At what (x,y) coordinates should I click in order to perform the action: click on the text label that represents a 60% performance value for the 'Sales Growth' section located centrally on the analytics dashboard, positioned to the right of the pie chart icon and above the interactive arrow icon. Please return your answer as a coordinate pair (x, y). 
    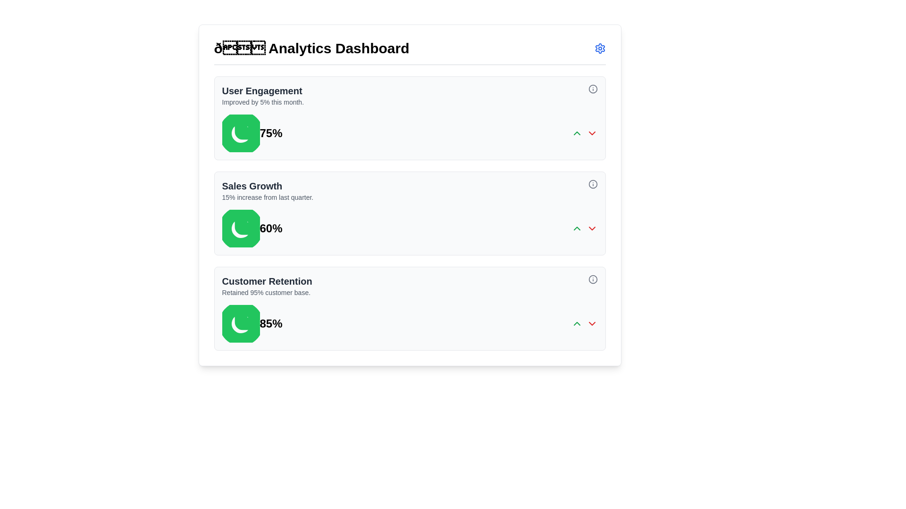
    Looking at the image, I should click on (270, 229).